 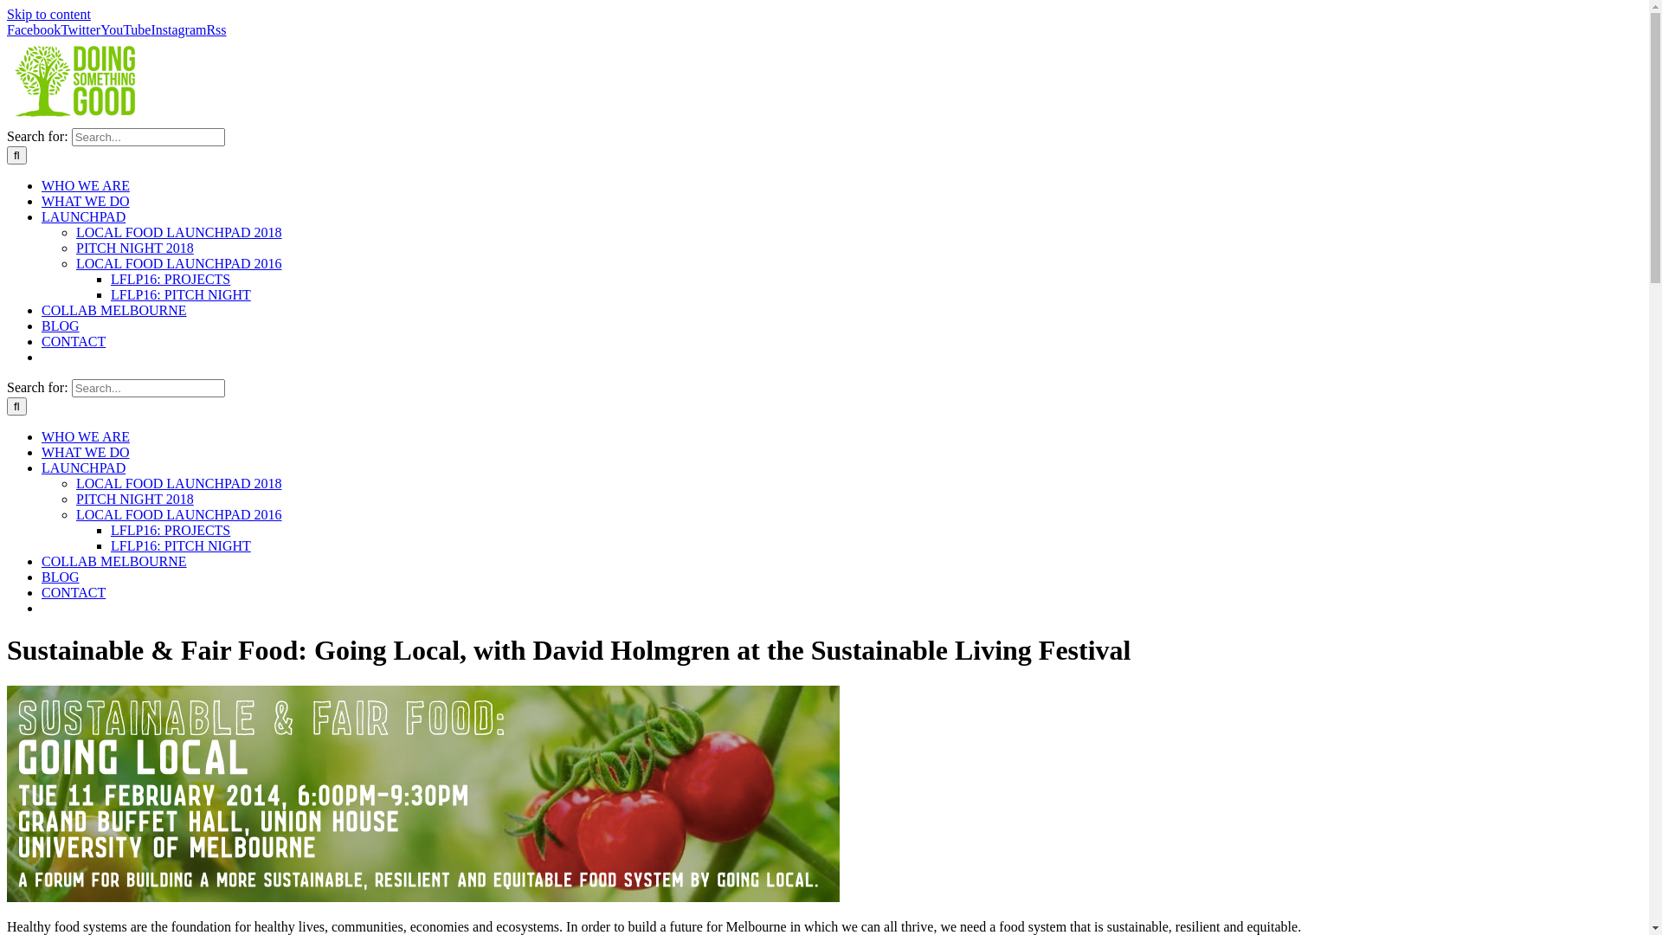 I want to click on 'Instagram', so click(x=178, y=29).